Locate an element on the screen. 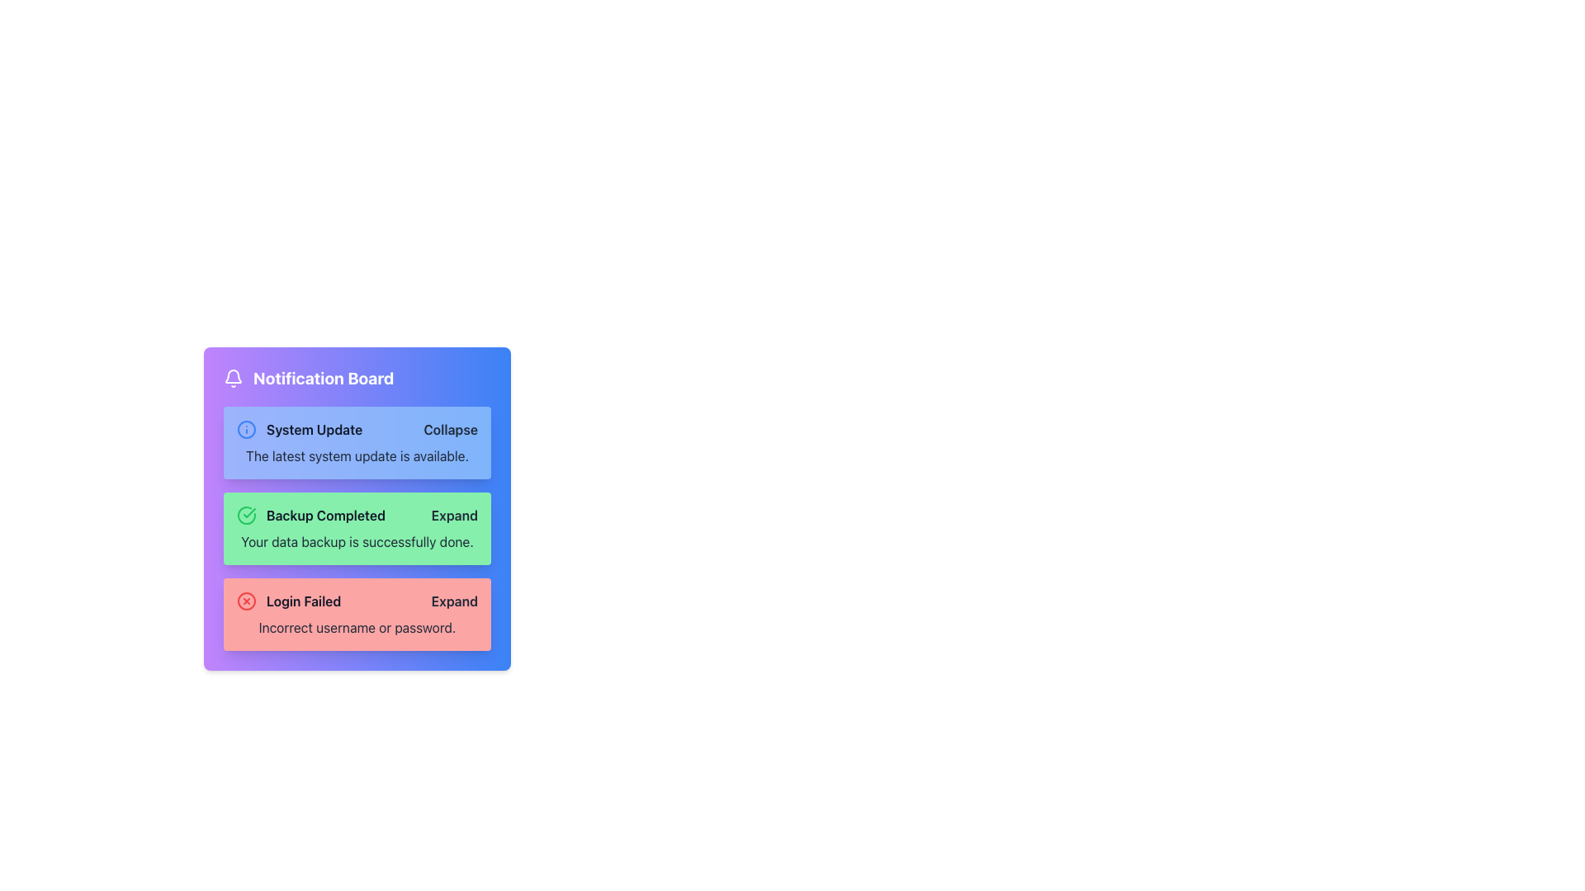 This screenshot has height=891, width=1585. bold-text title 'Notification Board' in white font, which serves as the header for the notification section is located at coordinates (324, 379).